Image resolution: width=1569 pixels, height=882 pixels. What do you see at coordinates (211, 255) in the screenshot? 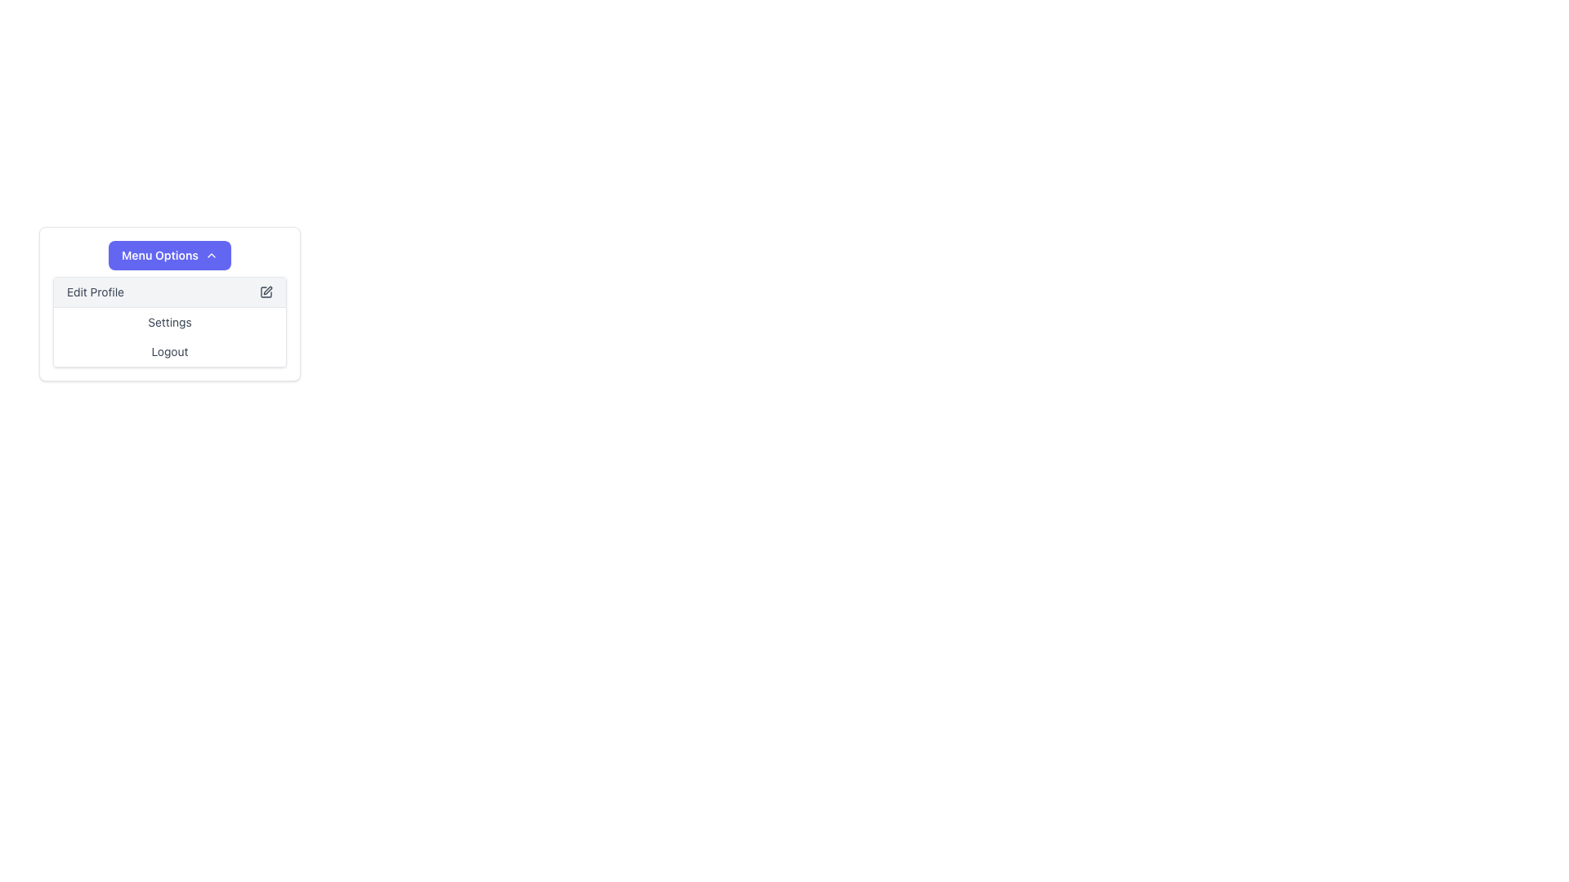
I see `the chevron icon pointing upwards, which is the rightmost component of the 'Menu Options' button` at bounding box center [211, 255].